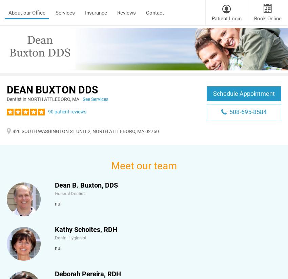 This screenshot has height=279, width=288. Describe the element at coordinates (96, 13) in the screenshot. I see `'Insurance'` at that location.